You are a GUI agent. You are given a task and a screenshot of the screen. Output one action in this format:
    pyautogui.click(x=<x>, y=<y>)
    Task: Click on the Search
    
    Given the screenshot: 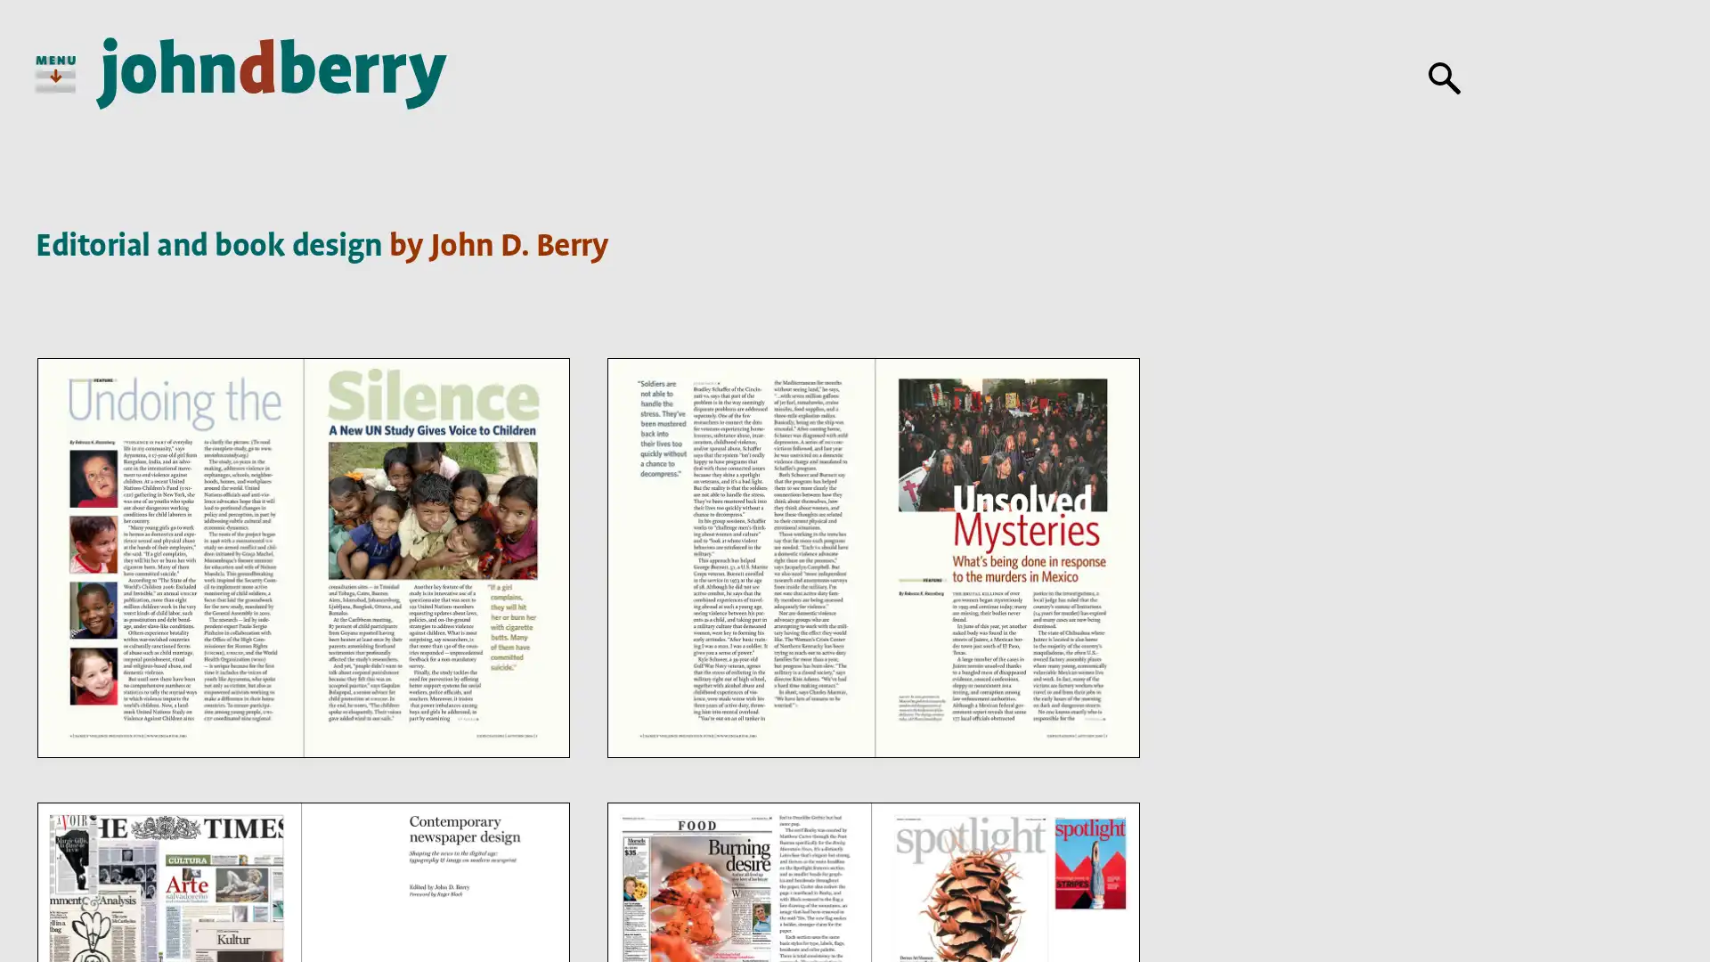 What is the action you would take?
    pyautogui.click(x=1445, y=77)
    